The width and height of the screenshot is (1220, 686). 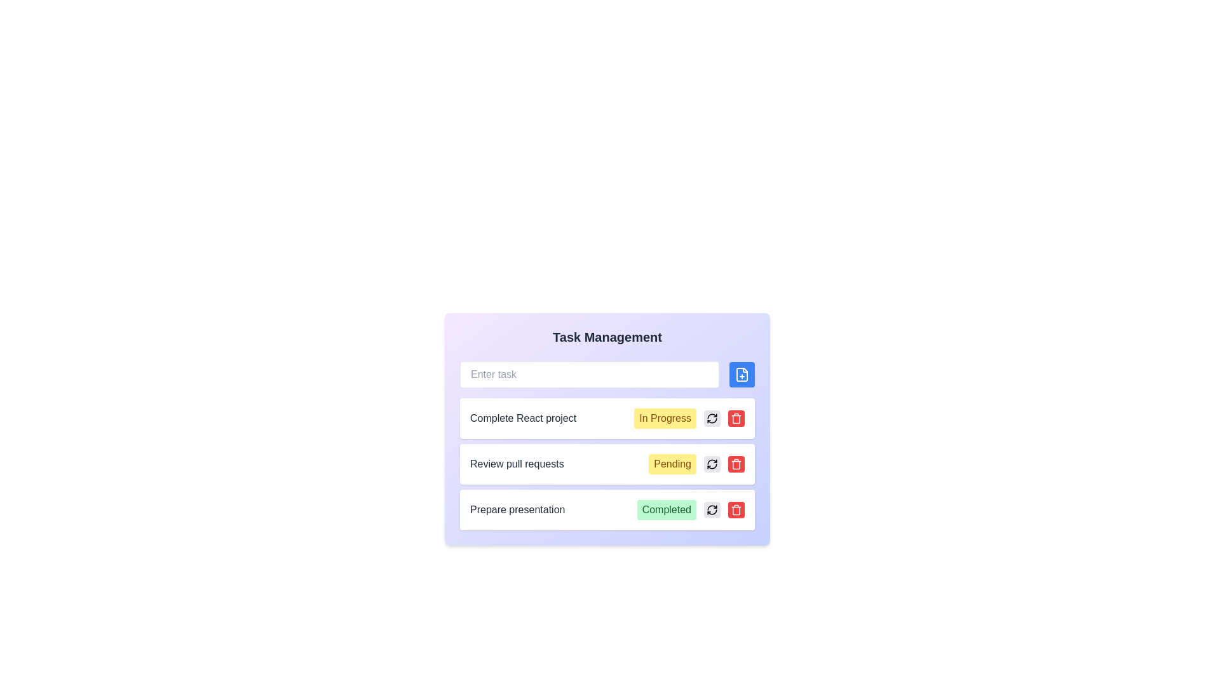 What do you see at coordinates (736, 509) in the screenshot?
I see `the delete icon button for the task 'Prepare presentation'` at bounding box center [736, 509].